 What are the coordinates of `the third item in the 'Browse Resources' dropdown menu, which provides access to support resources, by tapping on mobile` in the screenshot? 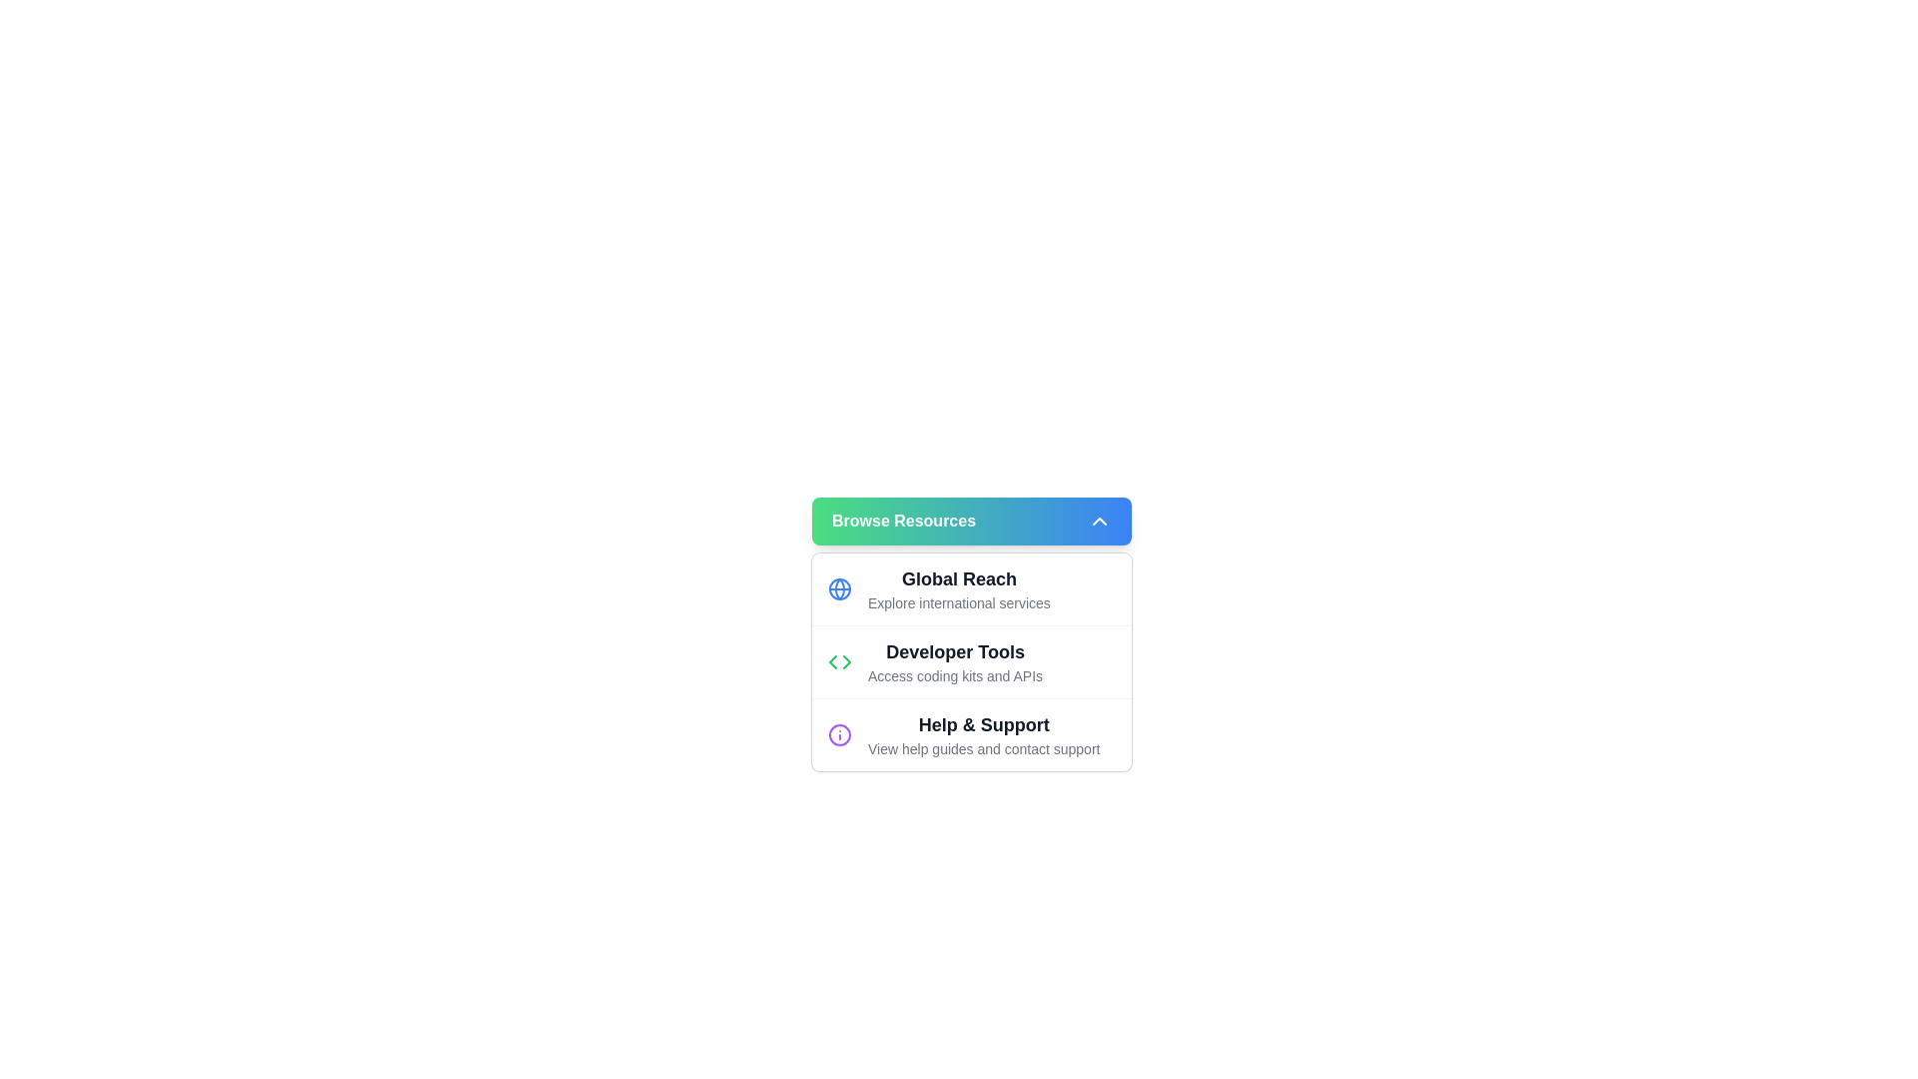 It's located at (972, 734).